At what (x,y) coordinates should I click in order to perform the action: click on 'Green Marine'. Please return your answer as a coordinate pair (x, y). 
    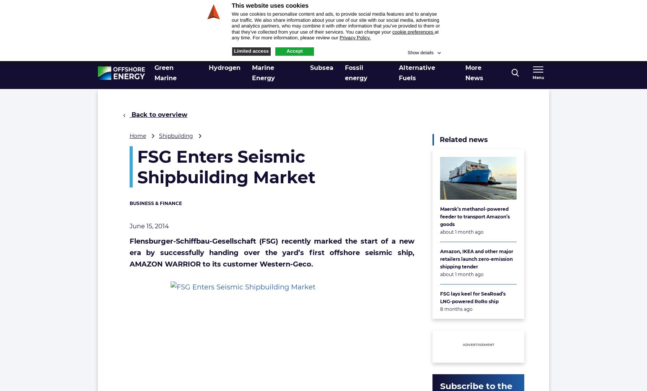
    Looking at the image, I should click on (164, 73).